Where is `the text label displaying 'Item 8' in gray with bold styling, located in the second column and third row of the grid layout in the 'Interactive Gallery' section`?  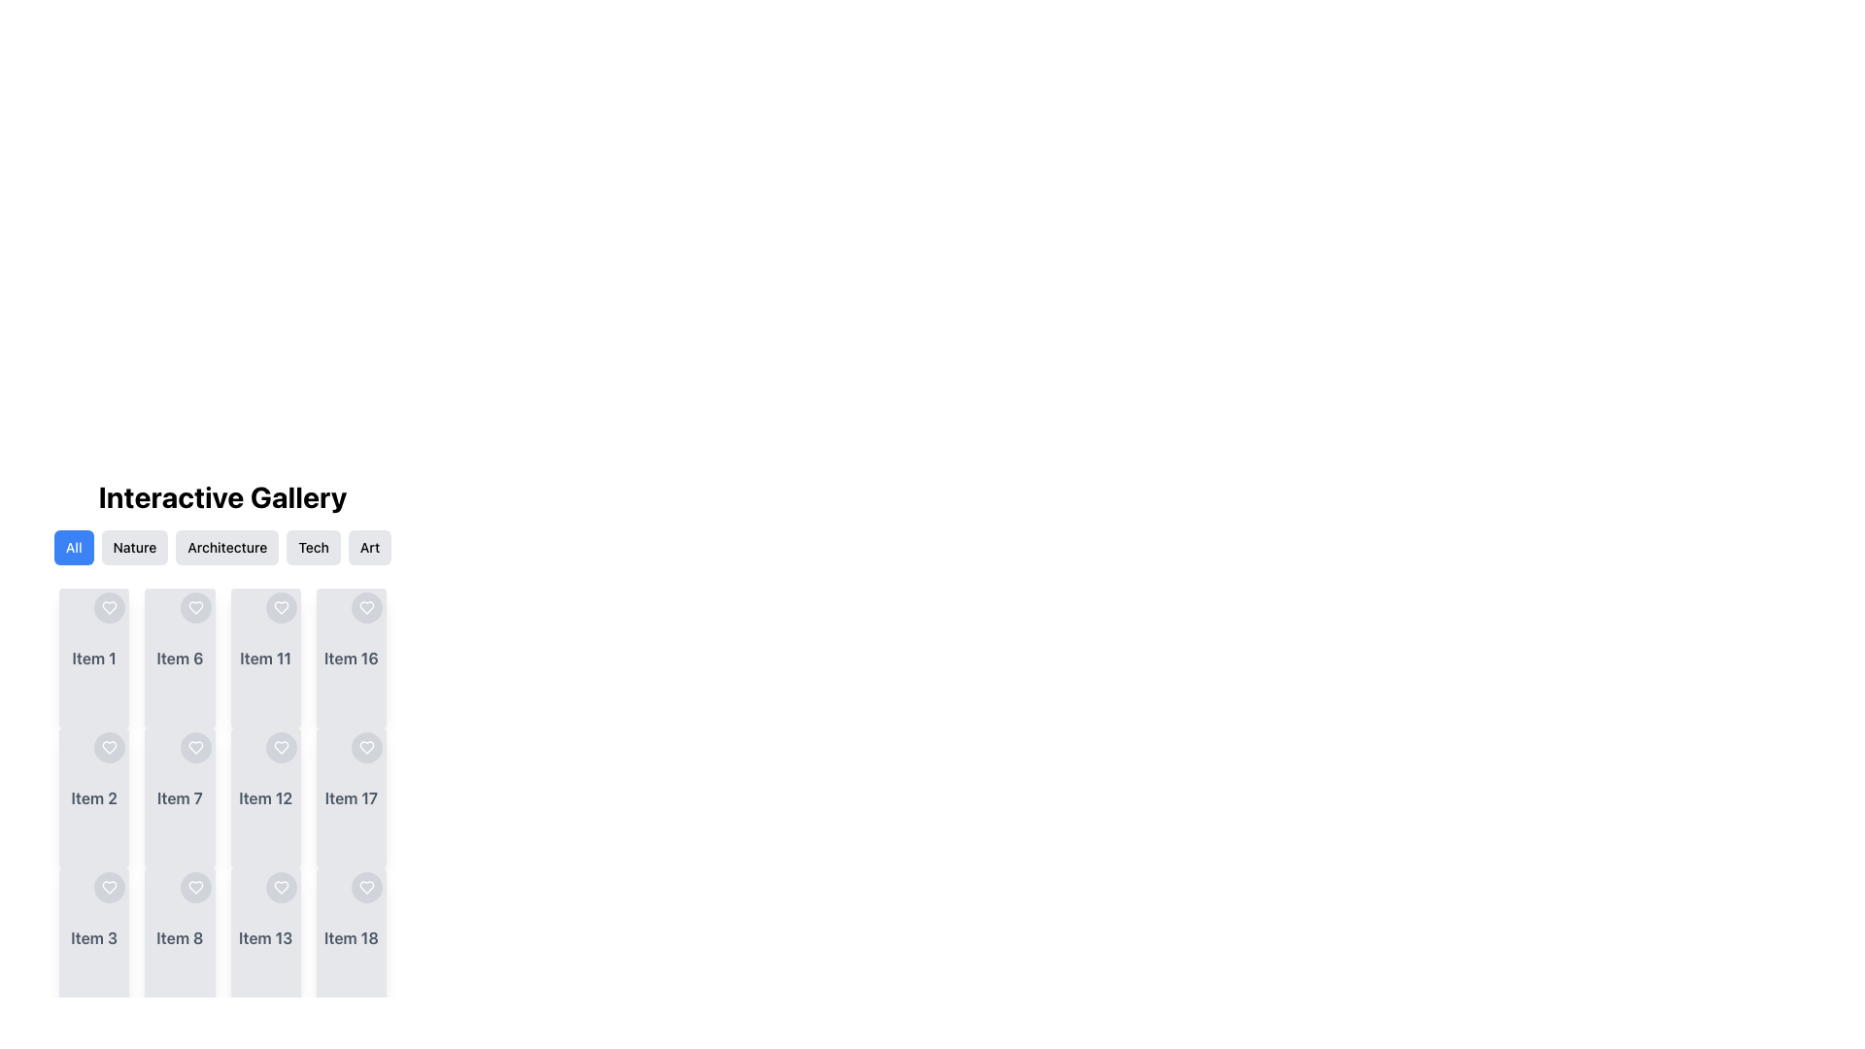 the text label displaying 'Item 8' in gray with bold styling, located in the second column and third row of the grid layout in the 'Interactive Gallery' section is located at coordinates (180, 936).